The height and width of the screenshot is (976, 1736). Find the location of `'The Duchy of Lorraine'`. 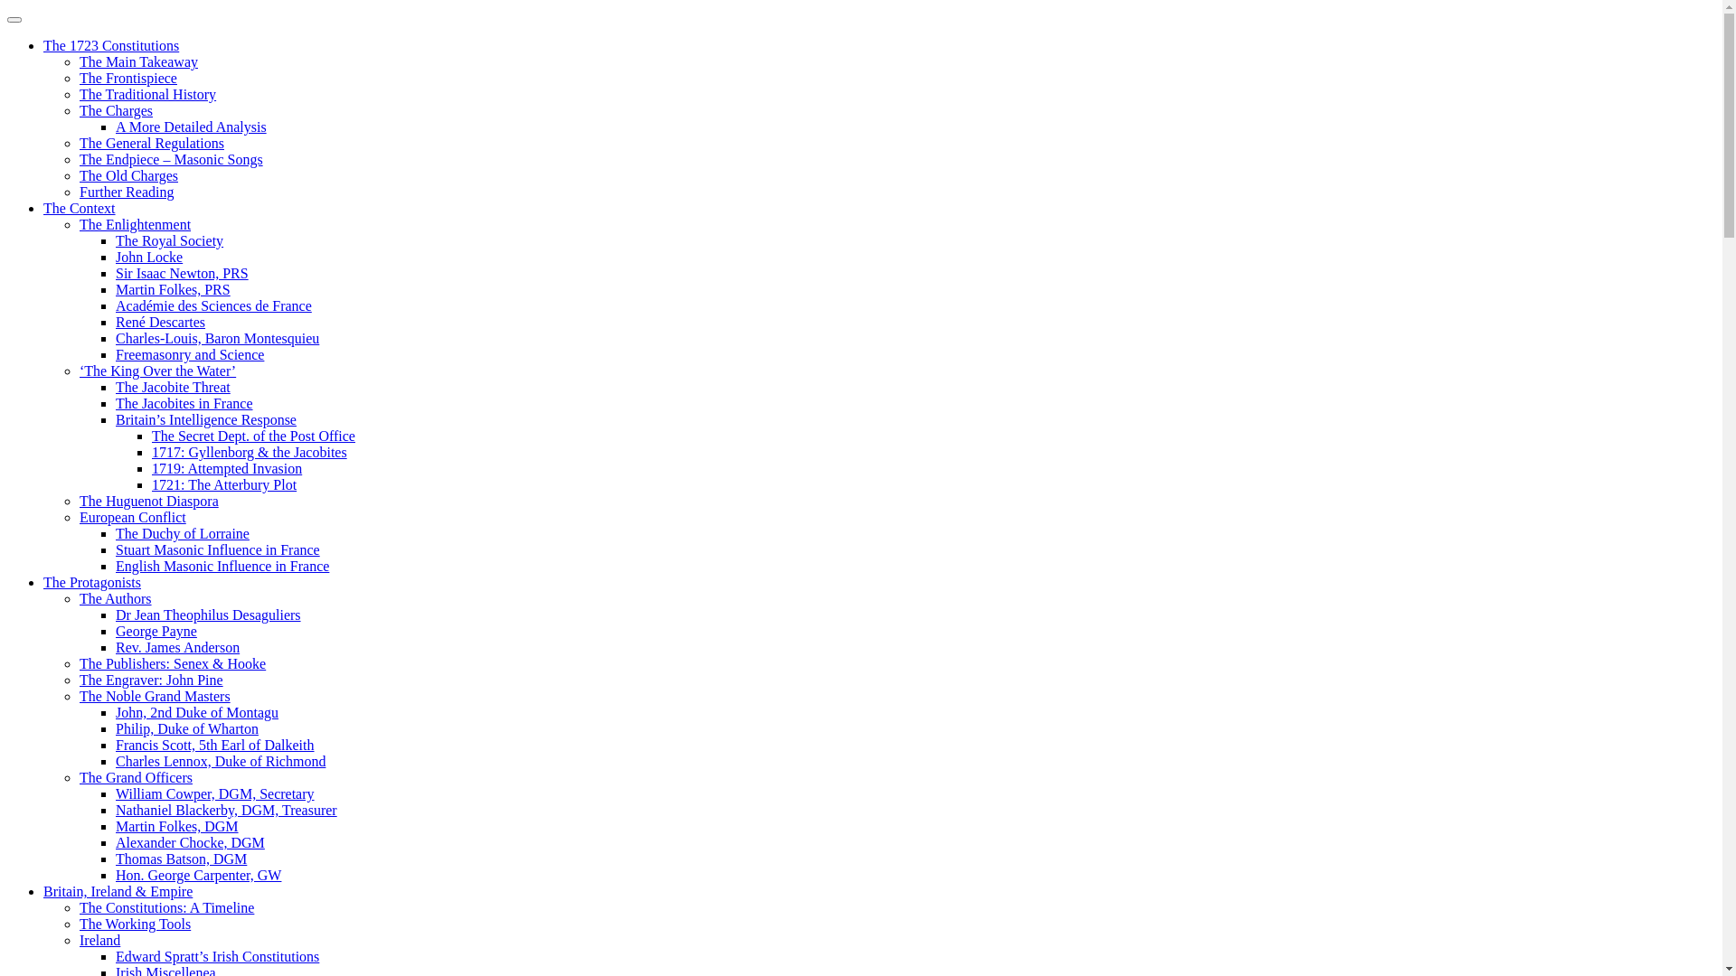

'The Duchy of Lorraine' is located at coordinates (182, 532).